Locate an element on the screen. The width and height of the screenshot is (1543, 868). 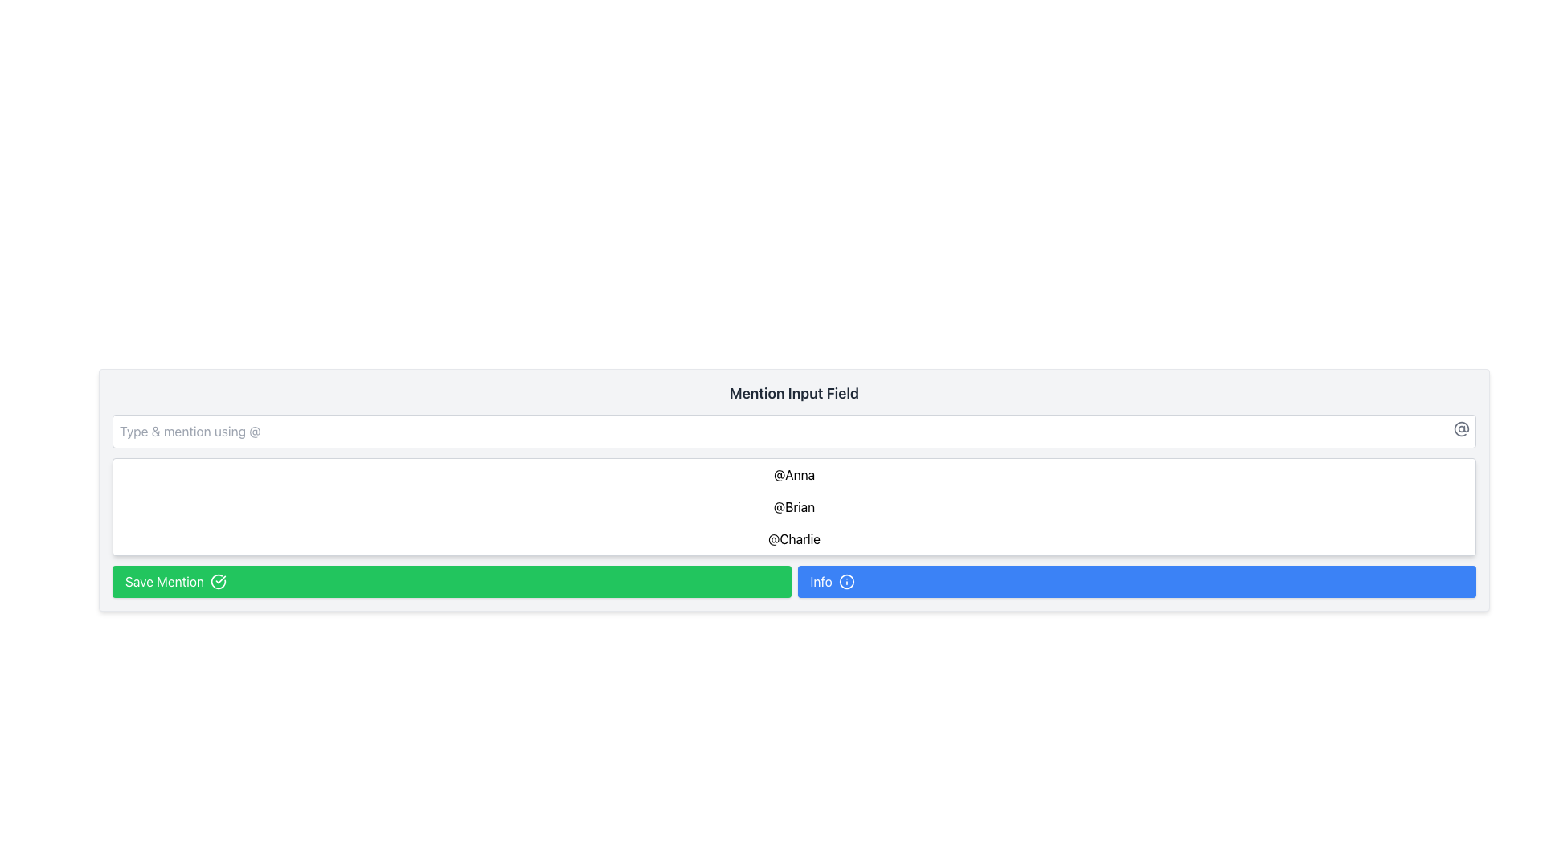
the circular icon within the 'Info' button located at the bottom right corner of the panel containing mention suggestions is located at coordinates (845, 582).